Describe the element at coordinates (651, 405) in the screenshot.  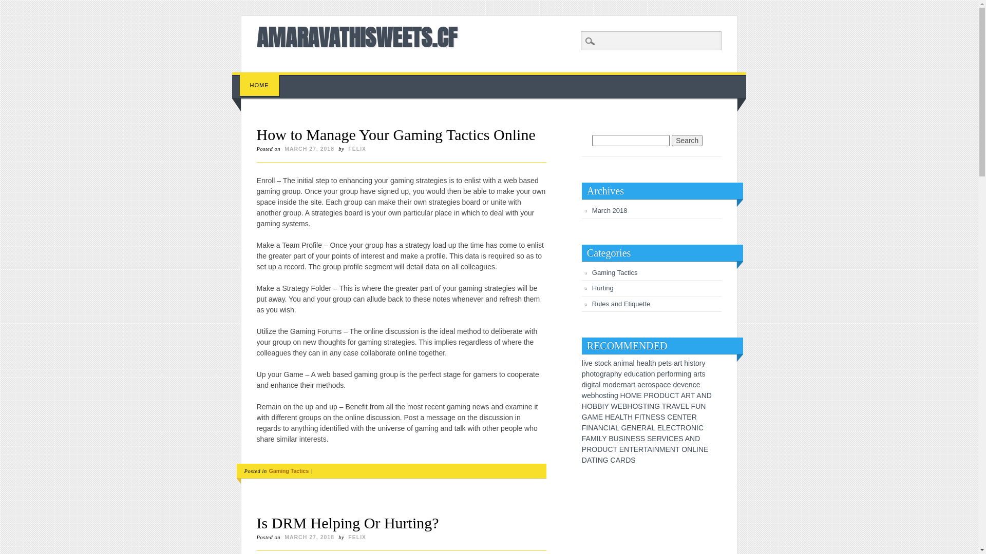
I see `'N'` at that location.